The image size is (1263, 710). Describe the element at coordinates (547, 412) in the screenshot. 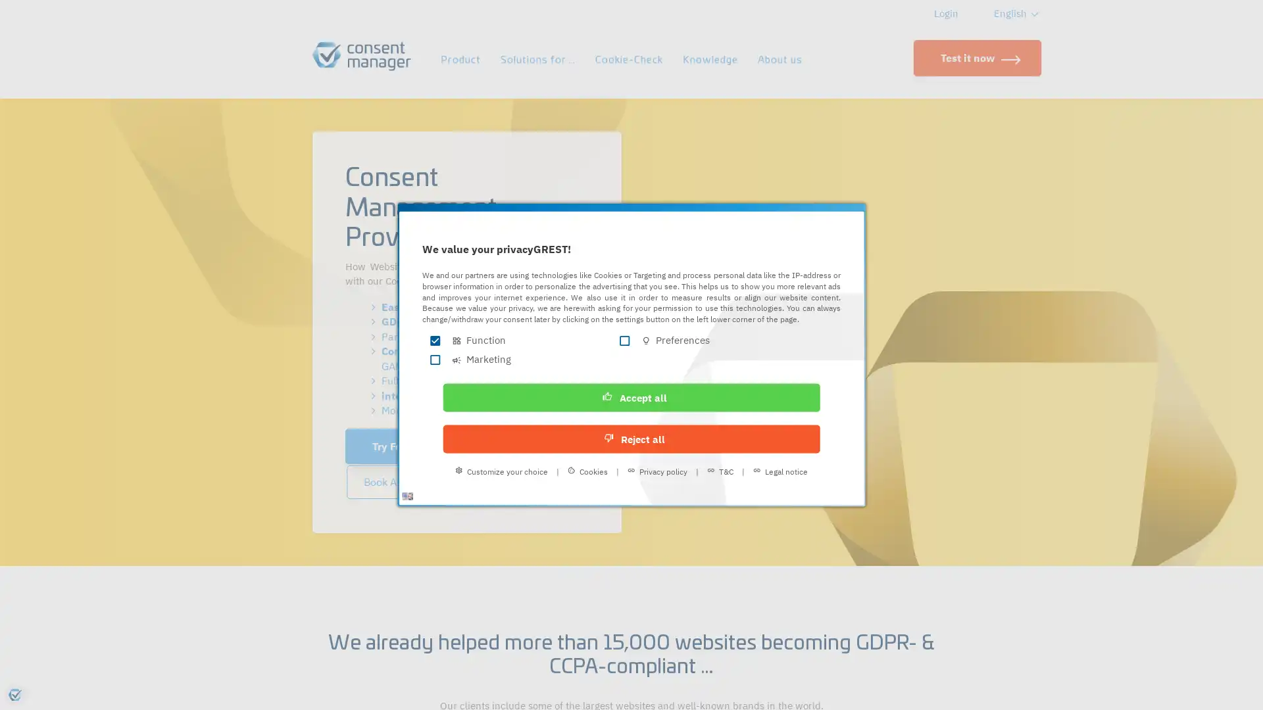

I see `Accept all` at that location.